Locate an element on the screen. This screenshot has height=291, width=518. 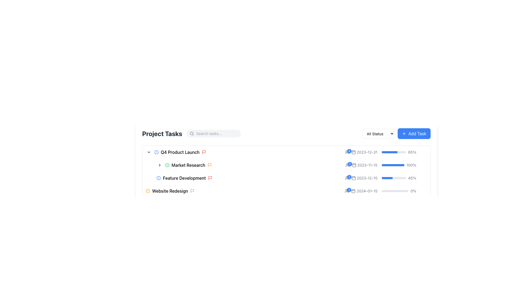
the blue progress bar representing 45% completion for the task aligned with '2023-12-15' in the task progress section is located at coordinates (387, 178).